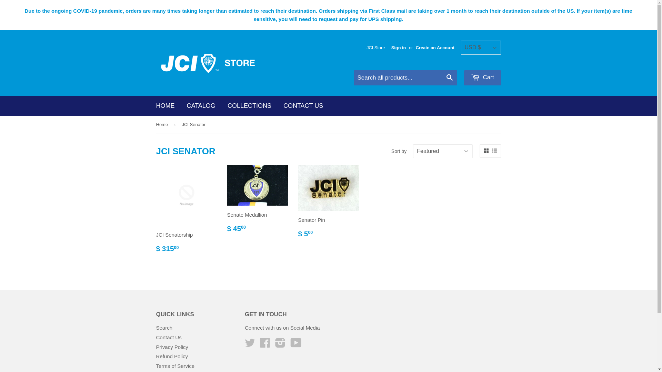 The width and height of the screenshot is (662, 372). What do you see at coordinates (186, 211) in the screenshot?
I see `'JCI Senatorship` at bounding box center [186, 211].